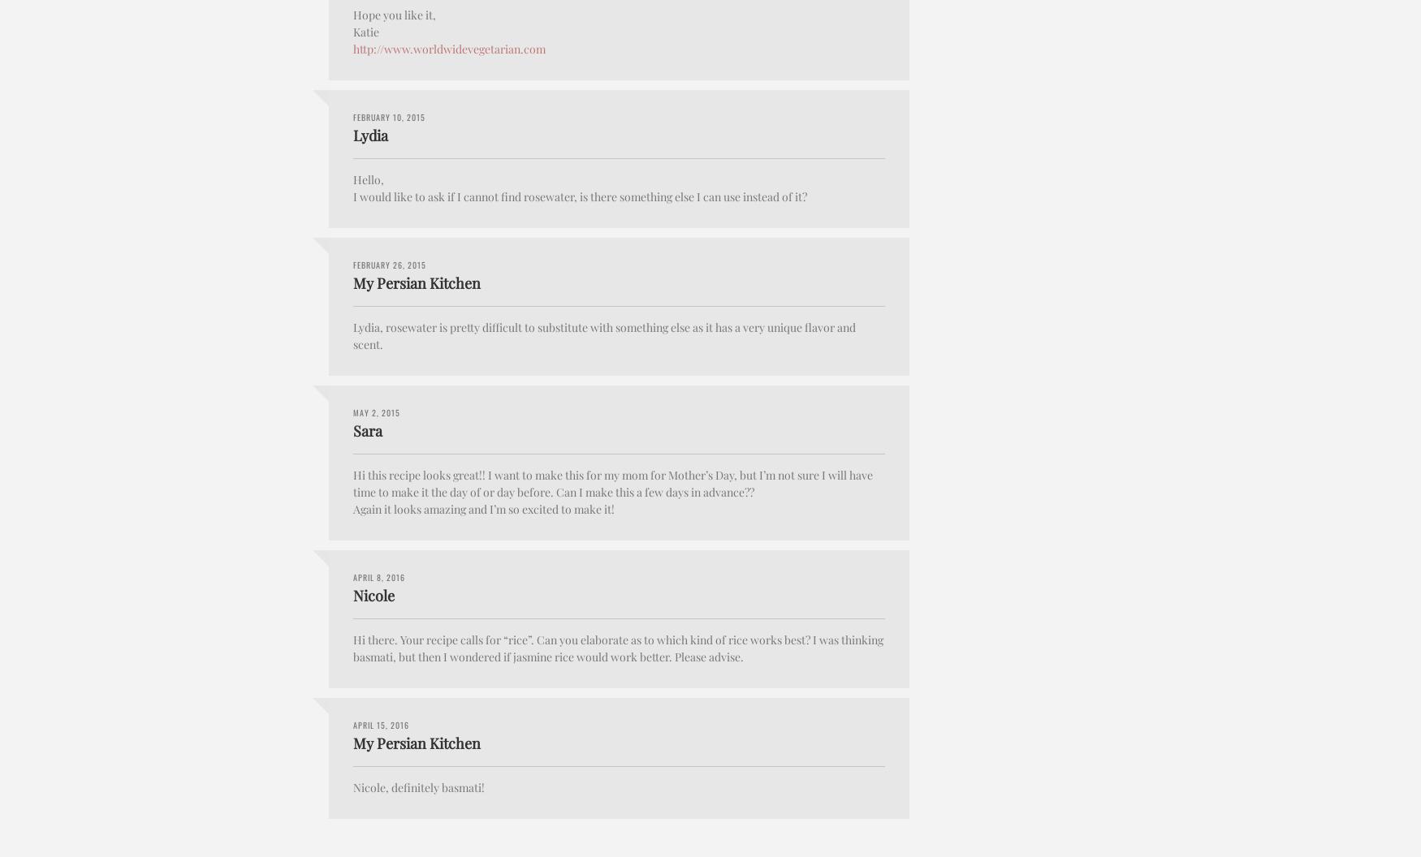 Image resolution: width=1421 pixels, height=857 pixels. I want to click on 'Sara', so click(368, 430).